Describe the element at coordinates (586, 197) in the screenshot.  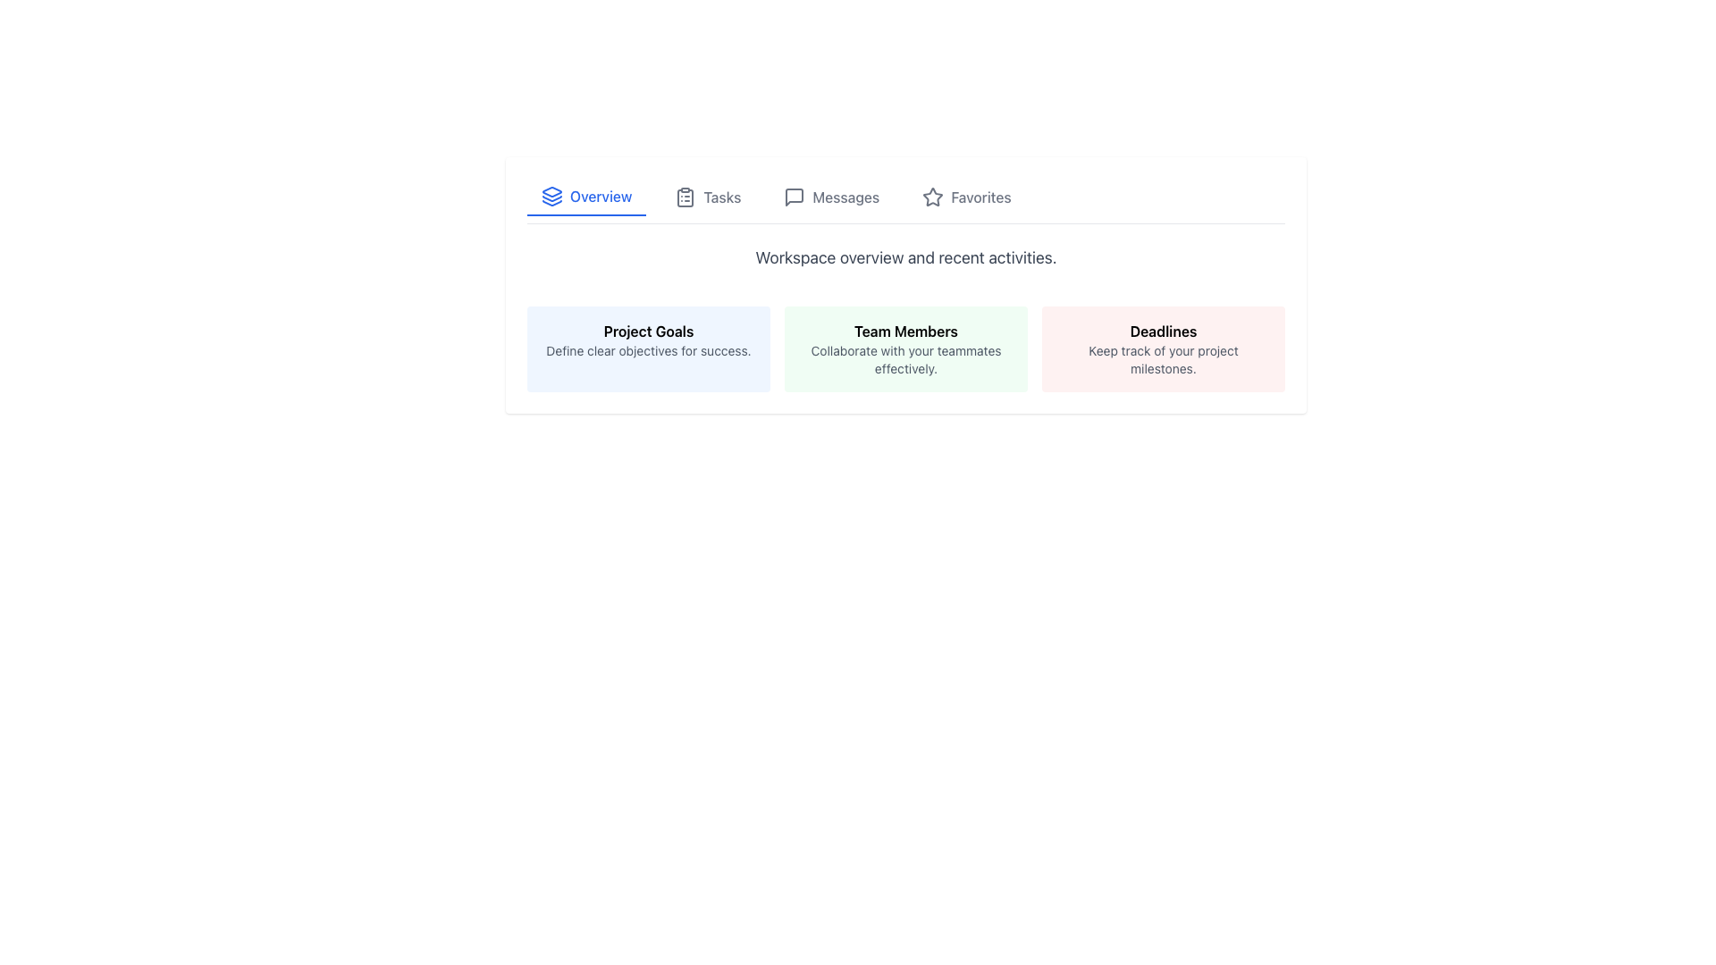
I see `the 'Overview' navigation tab located at the top-left of the tab navigation bar` at that location.